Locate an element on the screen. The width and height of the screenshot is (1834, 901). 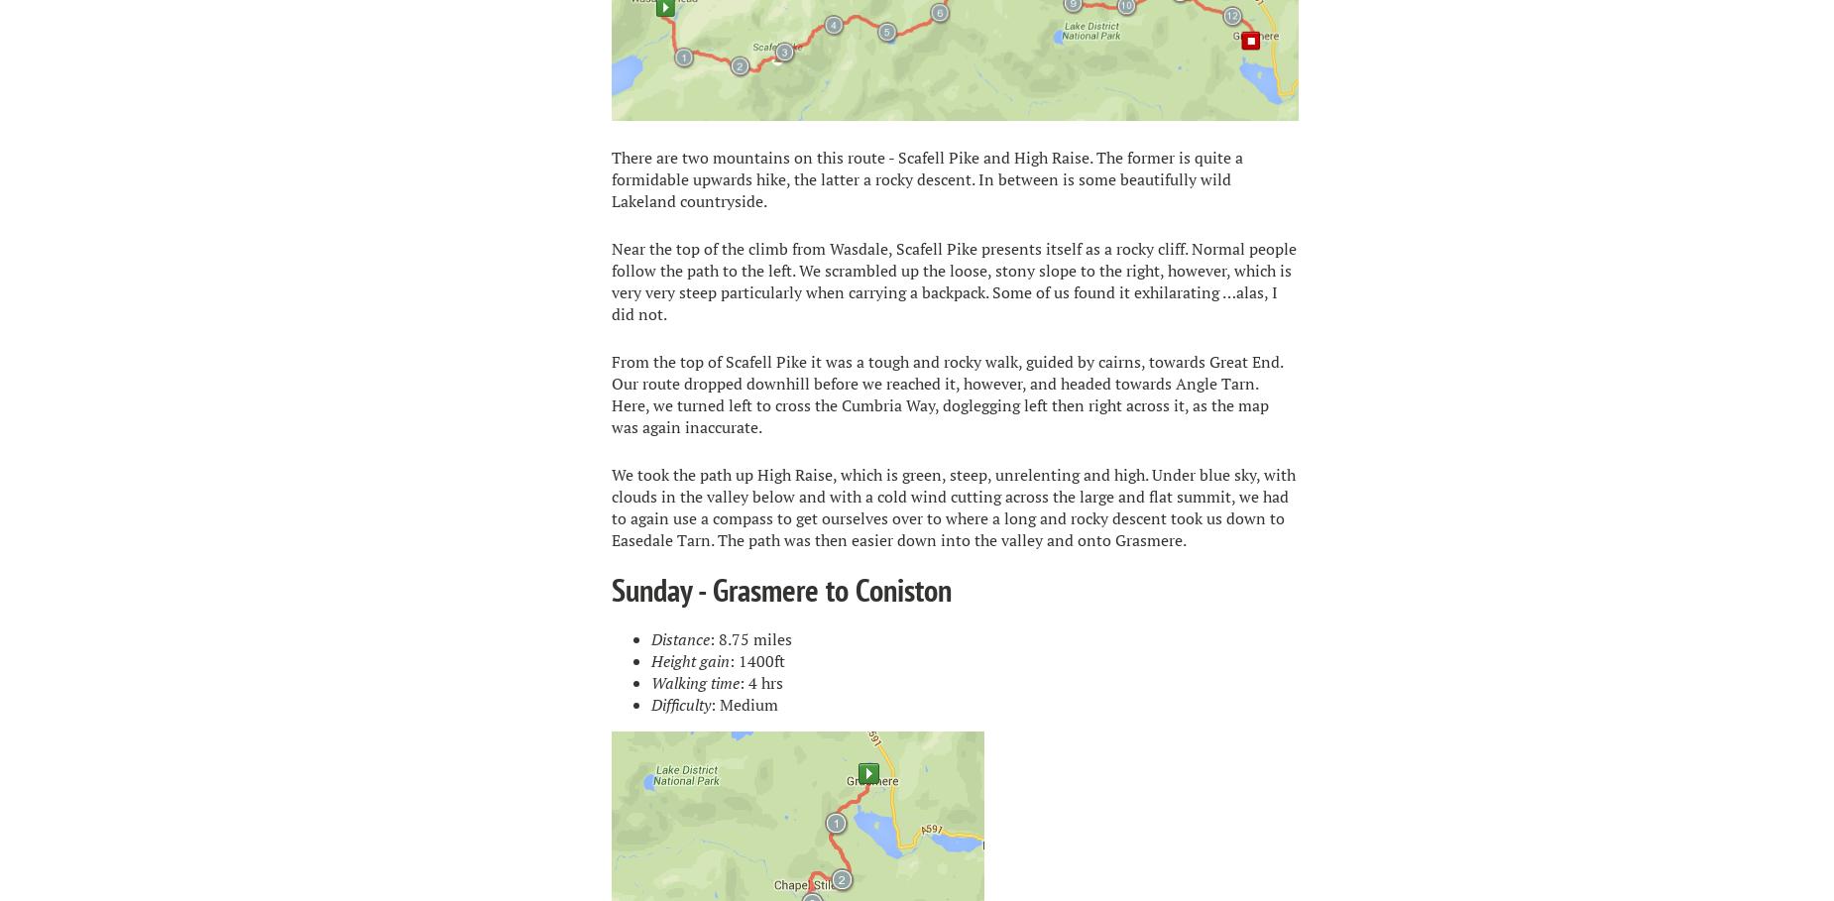
': 4 hrs' is located at coordinates (738, 682).